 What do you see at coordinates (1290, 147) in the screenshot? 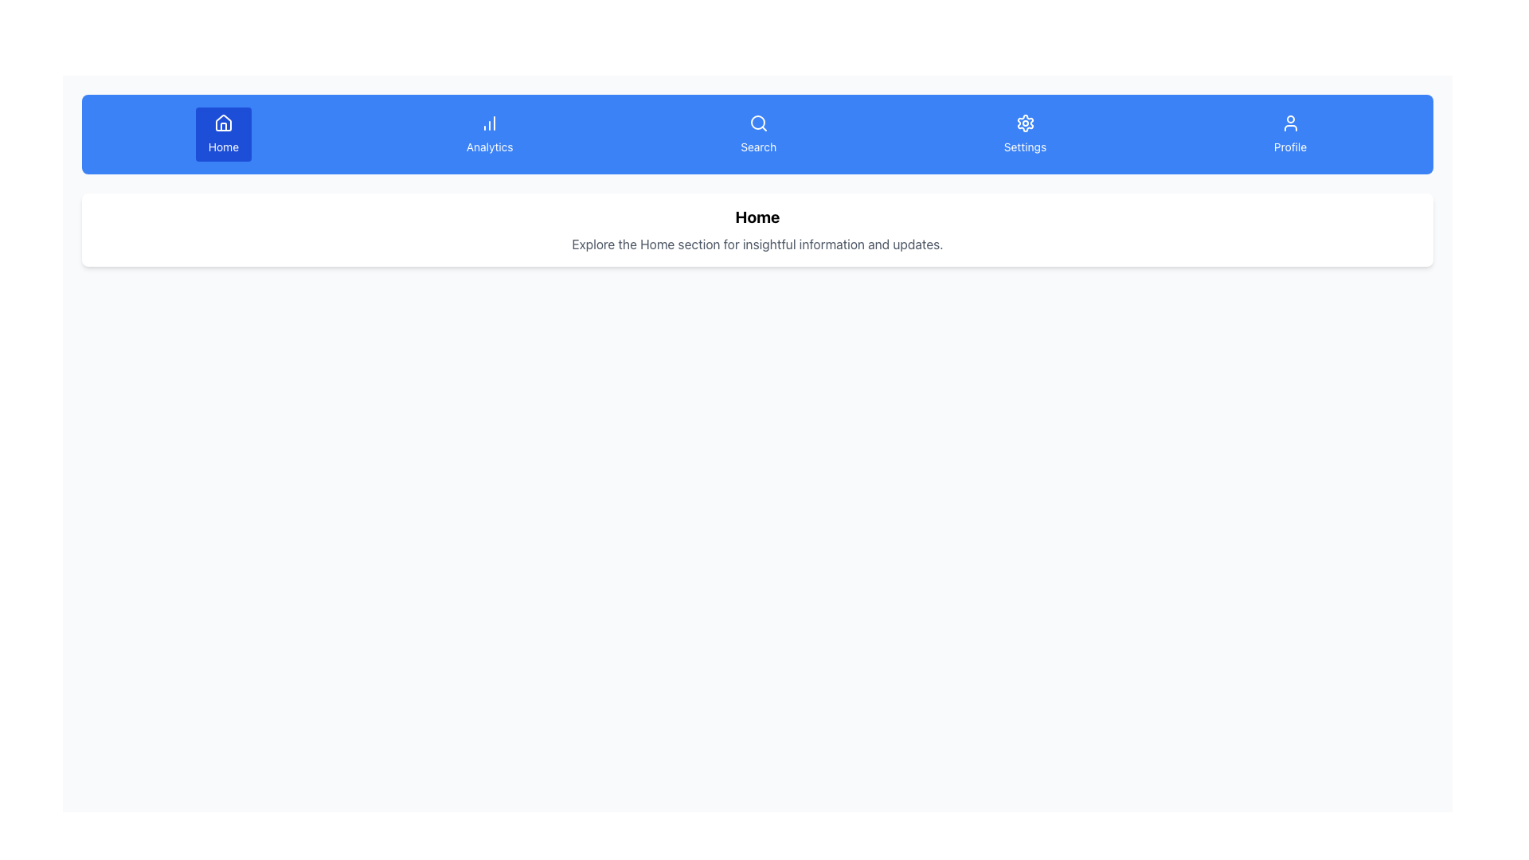
I see `the Text Label that describes the user profile section in the navigation bar, located at the far right and below the profile icon` at bounding box center [1290, 147].